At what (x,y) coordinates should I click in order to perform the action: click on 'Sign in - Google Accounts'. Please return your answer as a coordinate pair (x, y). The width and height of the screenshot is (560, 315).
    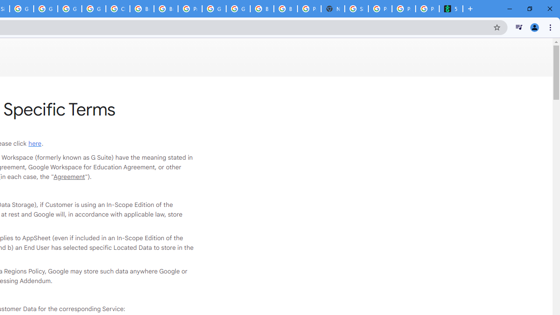
    Looking at the image, I should click on (357, 9).